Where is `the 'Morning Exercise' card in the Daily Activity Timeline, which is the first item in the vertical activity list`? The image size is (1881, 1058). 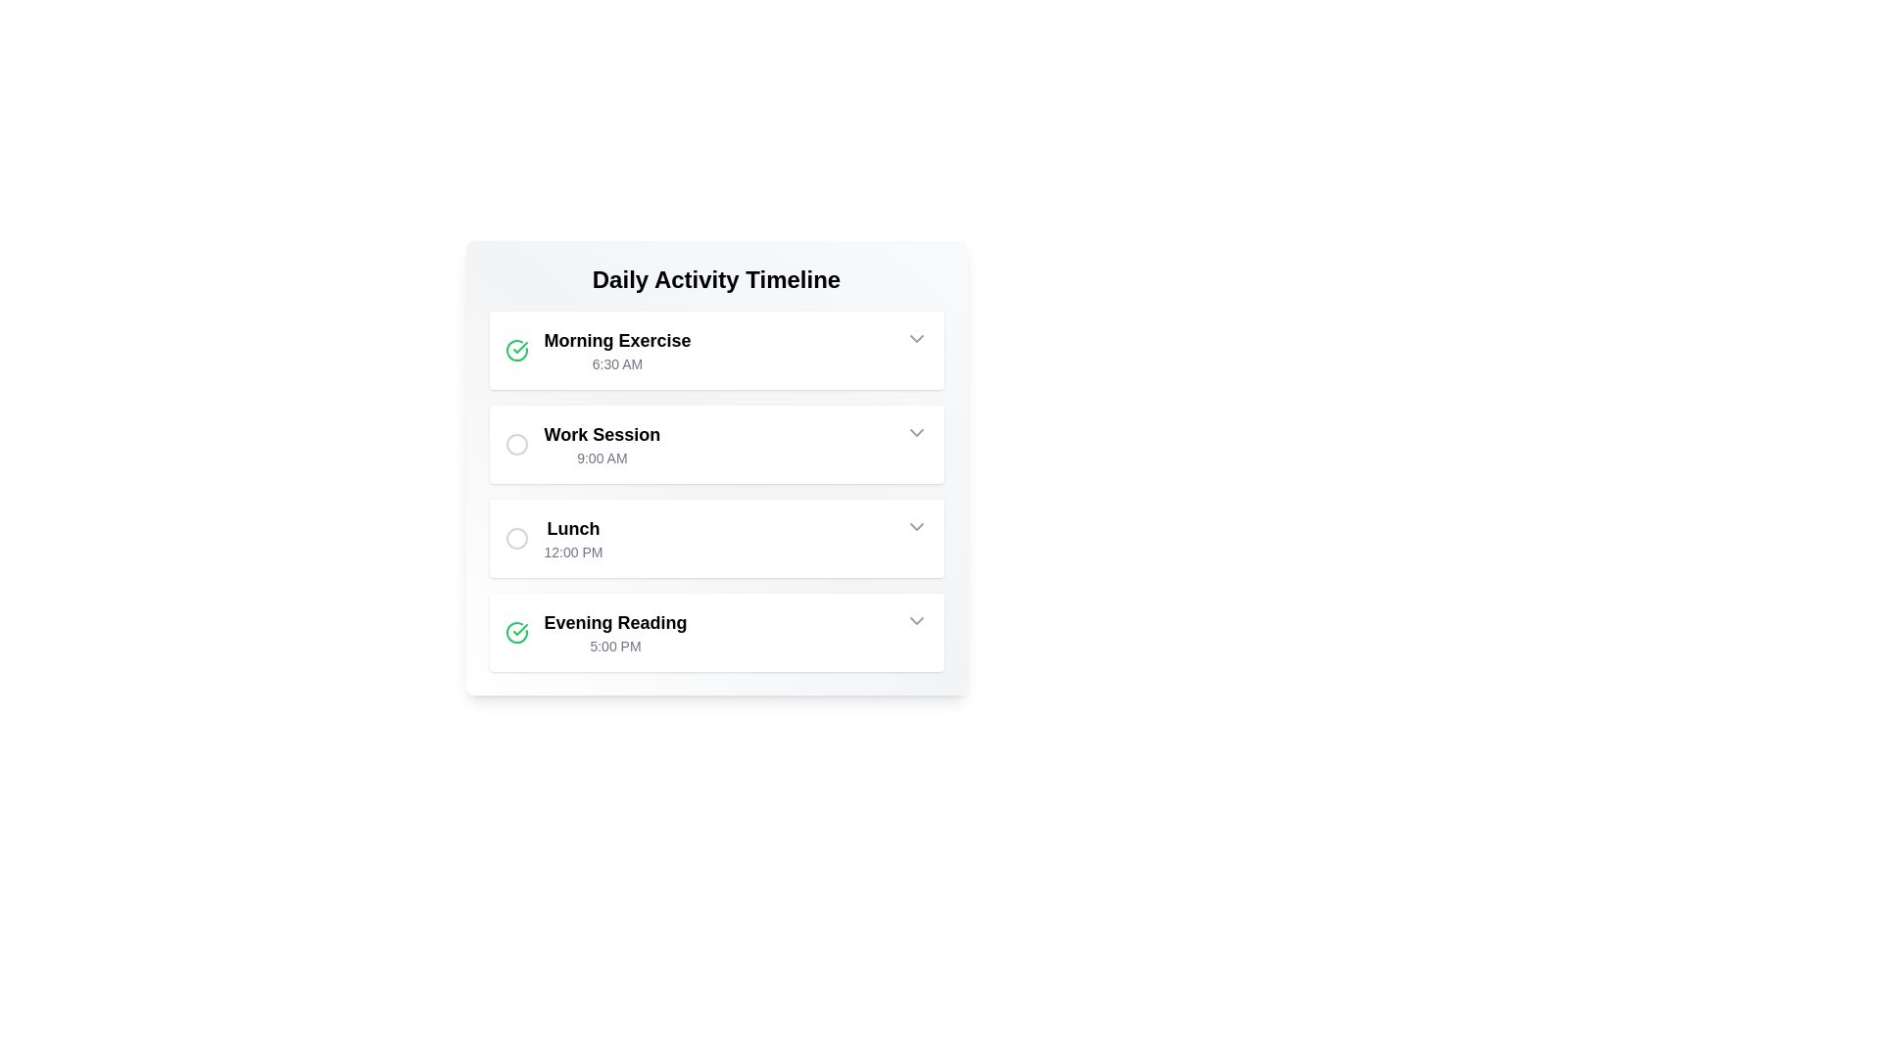 the 'Morning Exercise' card in the Daily Activity Timeline, which is the first item in the vertical activity list is located at coordinates (715, 350).